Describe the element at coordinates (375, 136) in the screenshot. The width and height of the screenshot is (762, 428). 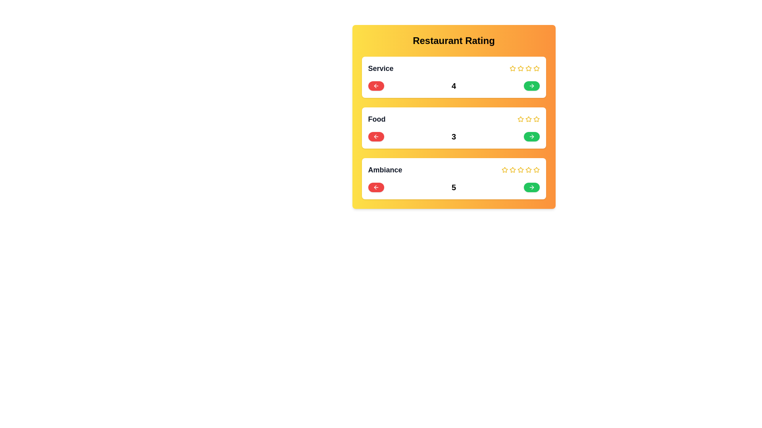
I see `the second button in the column that allows users to decrease the rating for the 'Food' category` at that location.